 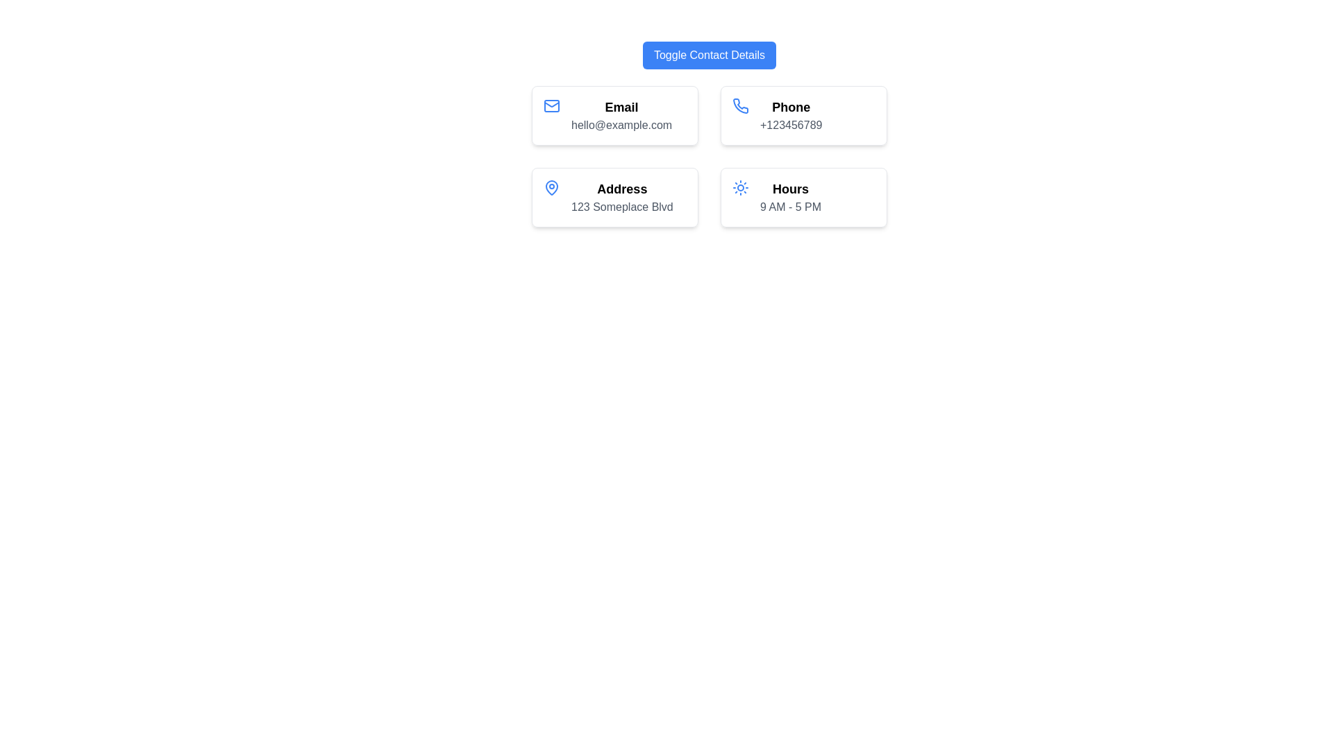 What do you see at coordinates (739, 187) in the screenshot?
I see `the 'Hours' icon located in the top-right quadrant of the interface, above the text '9 AM - 5 PM', which serves as a visual representation of the operational hours` at bounding box center [739, 187].